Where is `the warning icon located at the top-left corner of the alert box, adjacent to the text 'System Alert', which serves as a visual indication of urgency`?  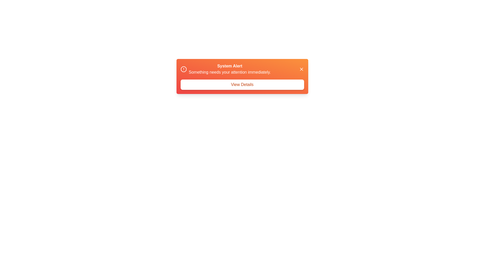 the warning icon located at the top-left corner of the alert box, adjacent to the text 'System Alert', which serves as a visual indication of urgency is located at coordinates (183, 69).